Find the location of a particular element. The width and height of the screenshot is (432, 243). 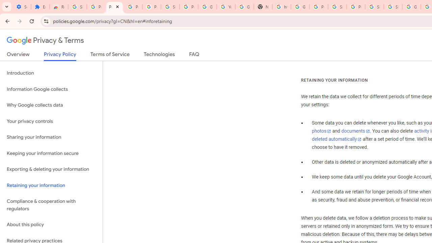

'Information Google collects' is located at coordinates (51, 89).